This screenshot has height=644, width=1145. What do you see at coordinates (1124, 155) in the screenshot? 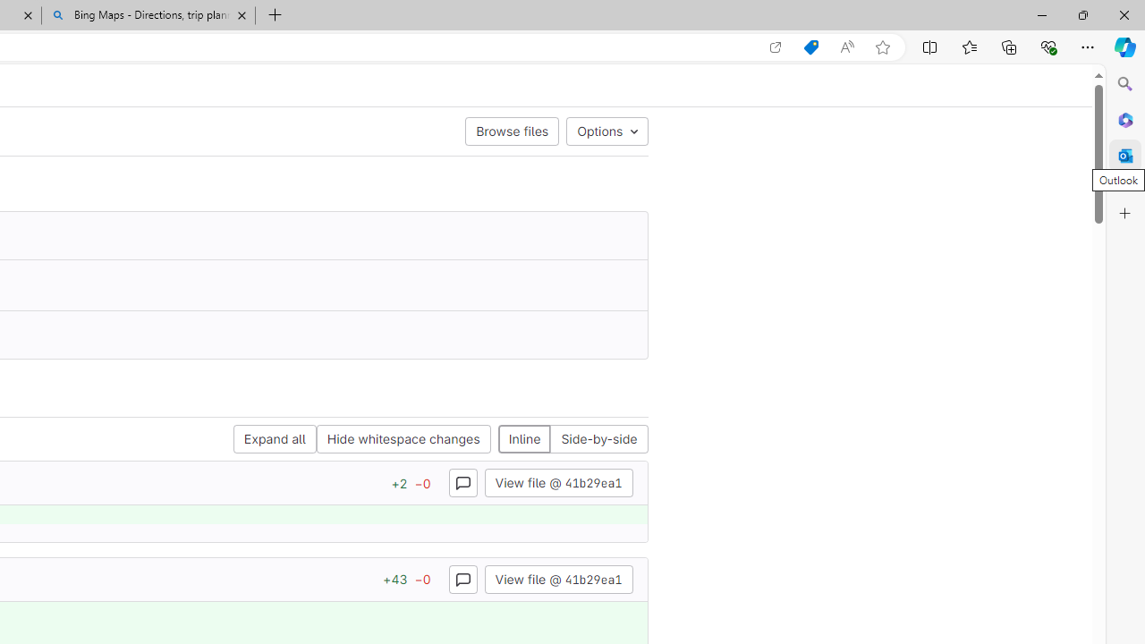
I see `'Outlook'` at bounding box center [1124, 155].